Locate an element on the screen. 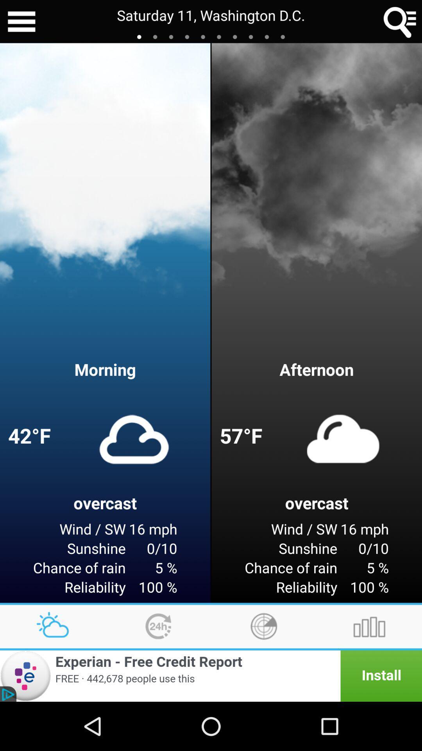 Image resolution: width=422 pixels, height=751 pixels. the item to the left of saturday 11 washington app is located at coordinates (21, 22).